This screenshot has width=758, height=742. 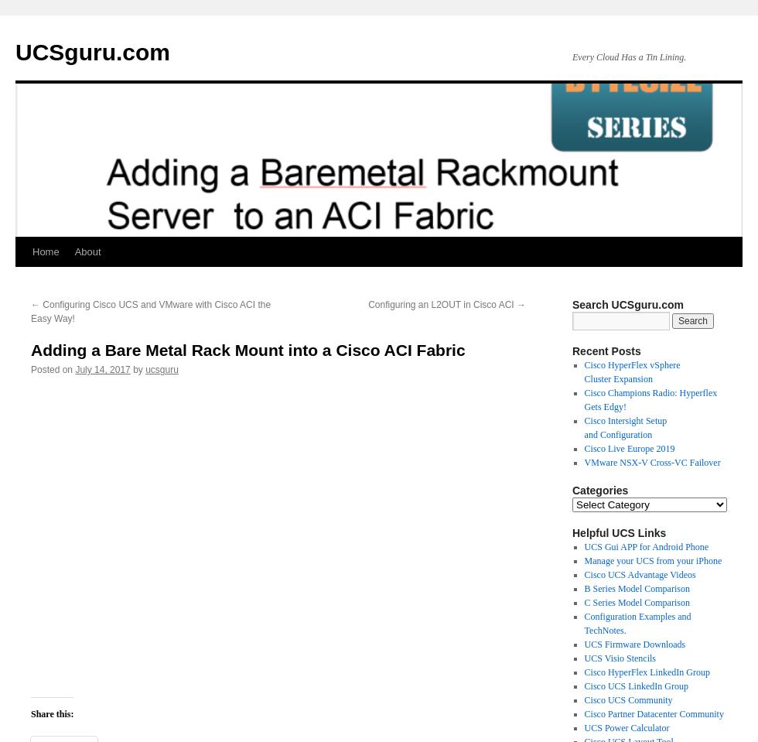 What do you see at coordinates (652, 560) in the screenshot?
I see `'Manage your UCS from your iPhone'` at bounding box center [652, 560].